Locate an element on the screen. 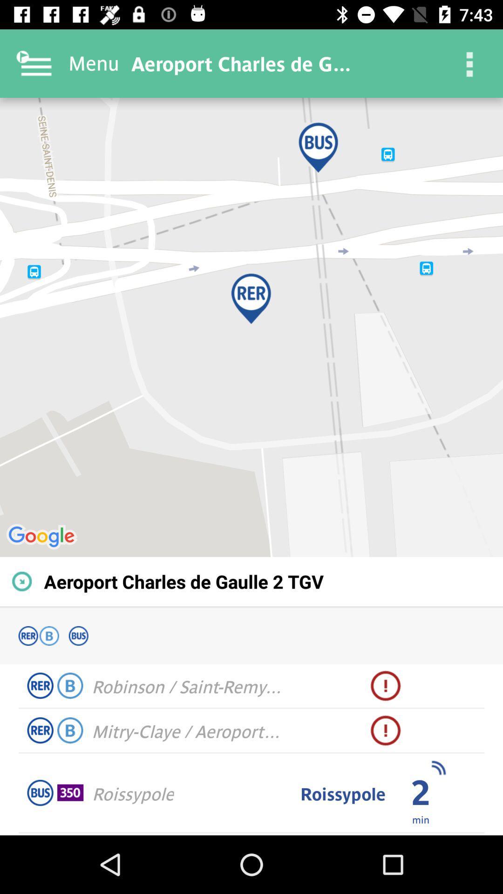  item next to roissypole icon is located at coordinates (421, 819).